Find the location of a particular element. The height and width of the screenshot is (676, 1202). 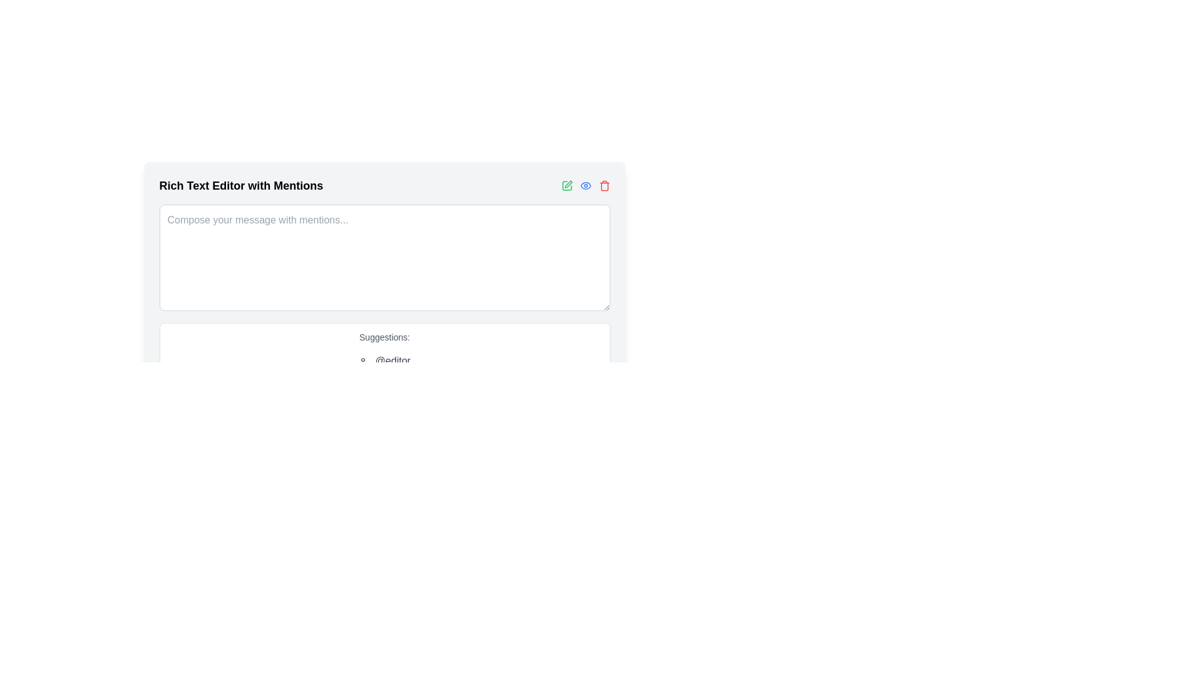

the delete icon located at the top-right area above the 'Rich Text Editor with Mentions' input field is located at coordinates (604, 186).